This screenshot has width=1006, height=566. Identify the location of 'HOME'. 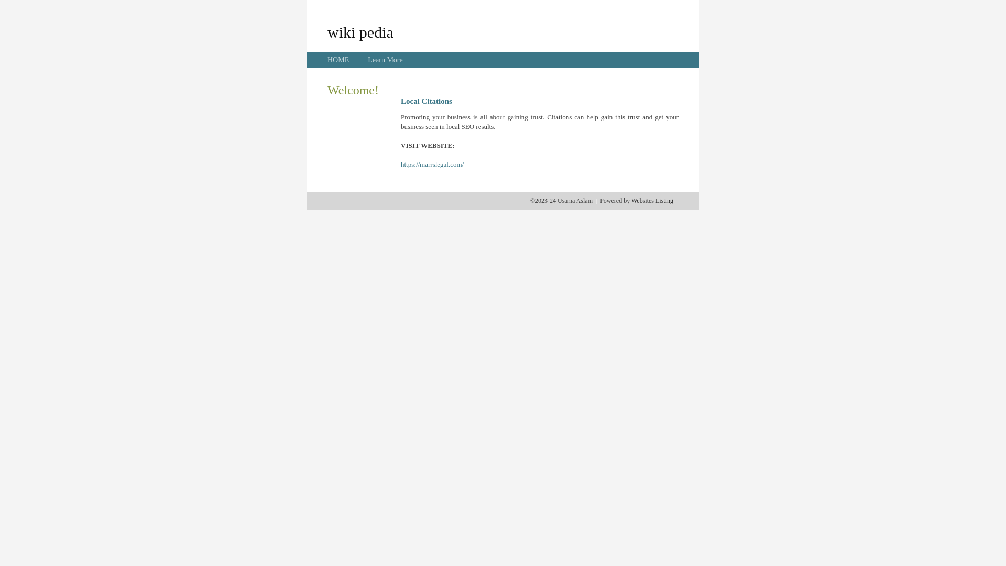
(338, 60).